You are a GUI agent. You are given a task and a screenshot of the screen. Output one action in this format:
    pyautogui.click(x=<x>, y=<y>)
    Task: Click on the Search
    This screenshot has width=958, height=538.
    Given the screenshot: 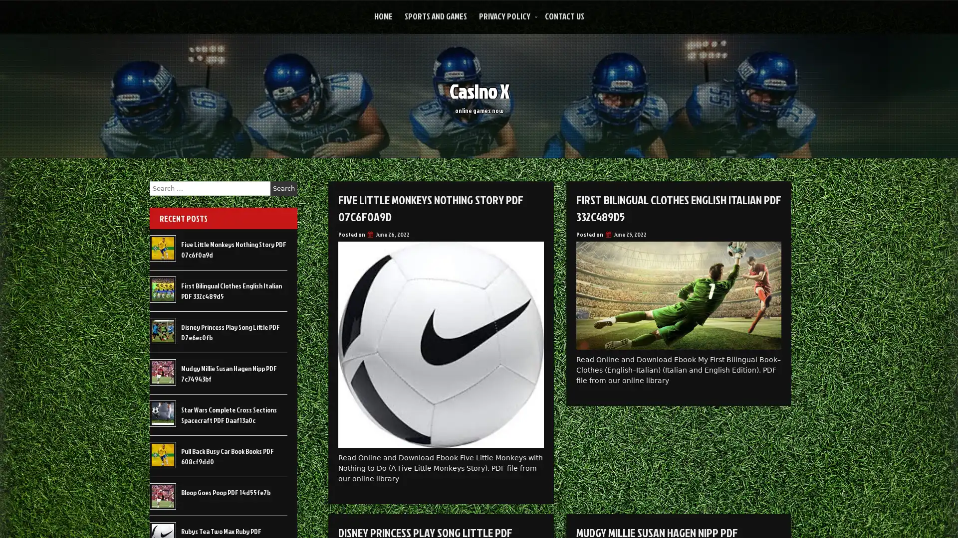 What is the action you would take?
    pyautogui.click(x=283, y=188)
    